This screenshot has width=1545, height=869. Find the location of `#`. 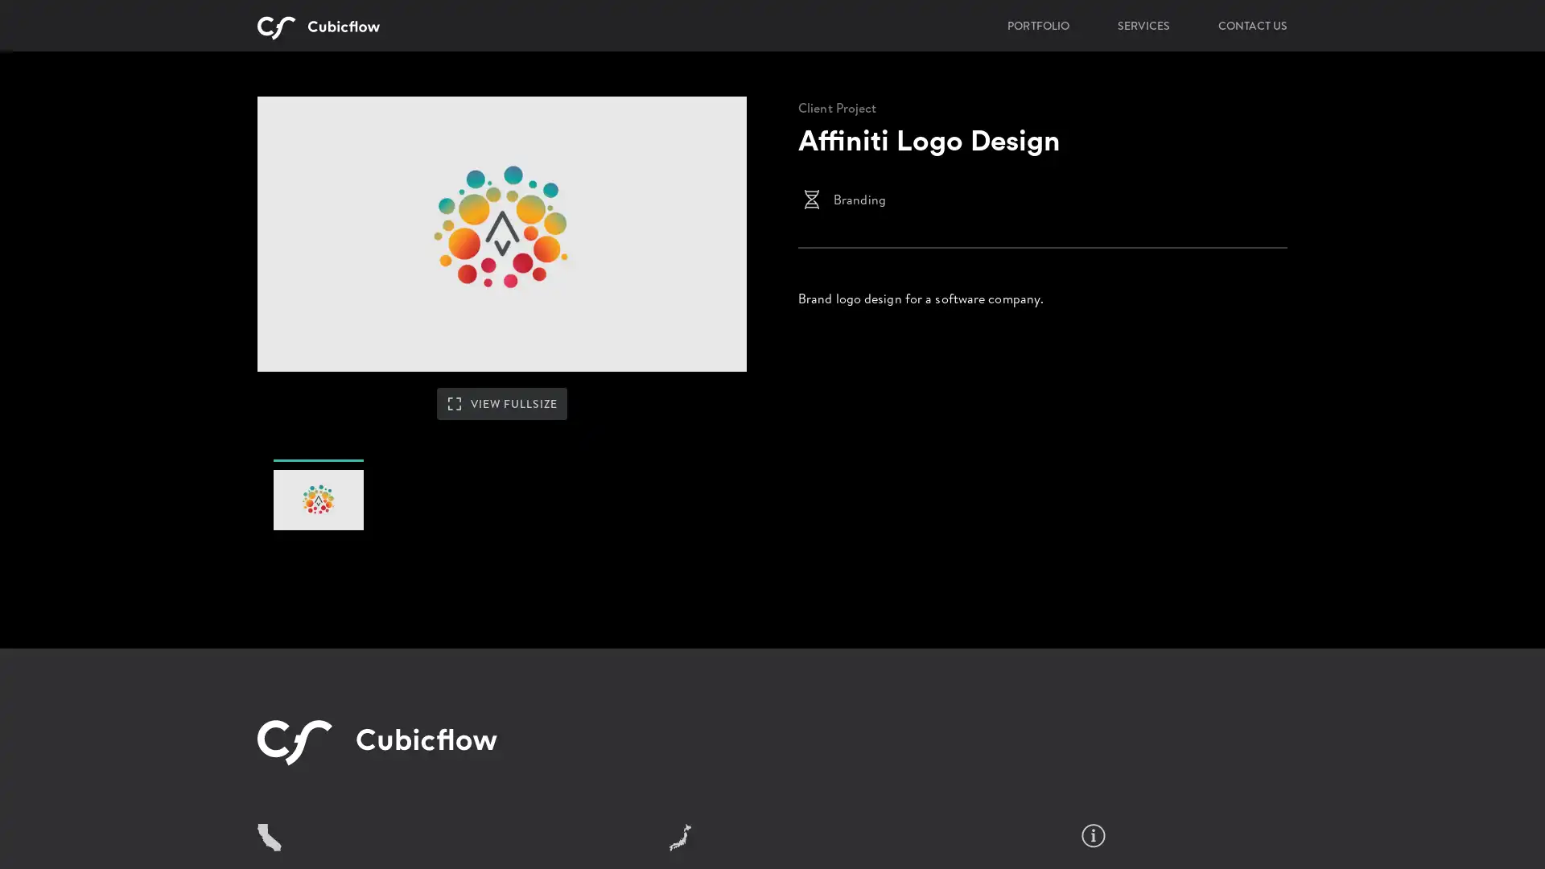

# is located at coordinates (318, 554).